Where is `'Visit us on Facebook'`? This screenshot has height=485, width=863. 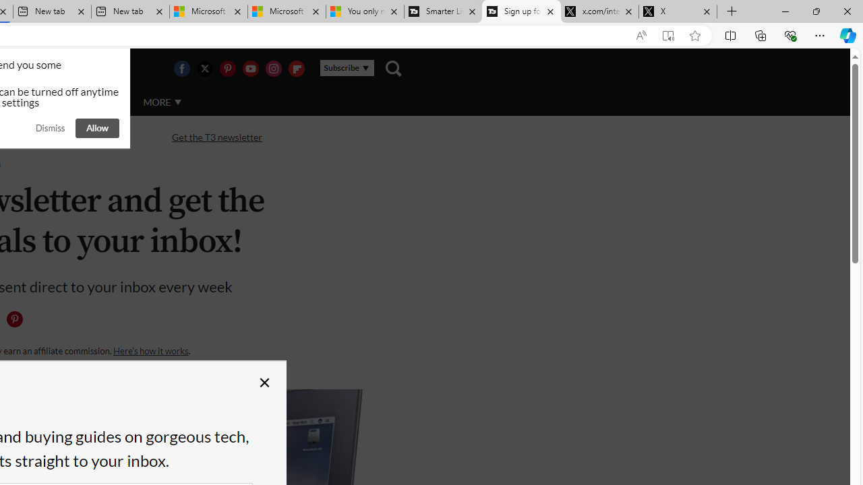 'Visit us on Facebook' is located at coordinates (181, 68).